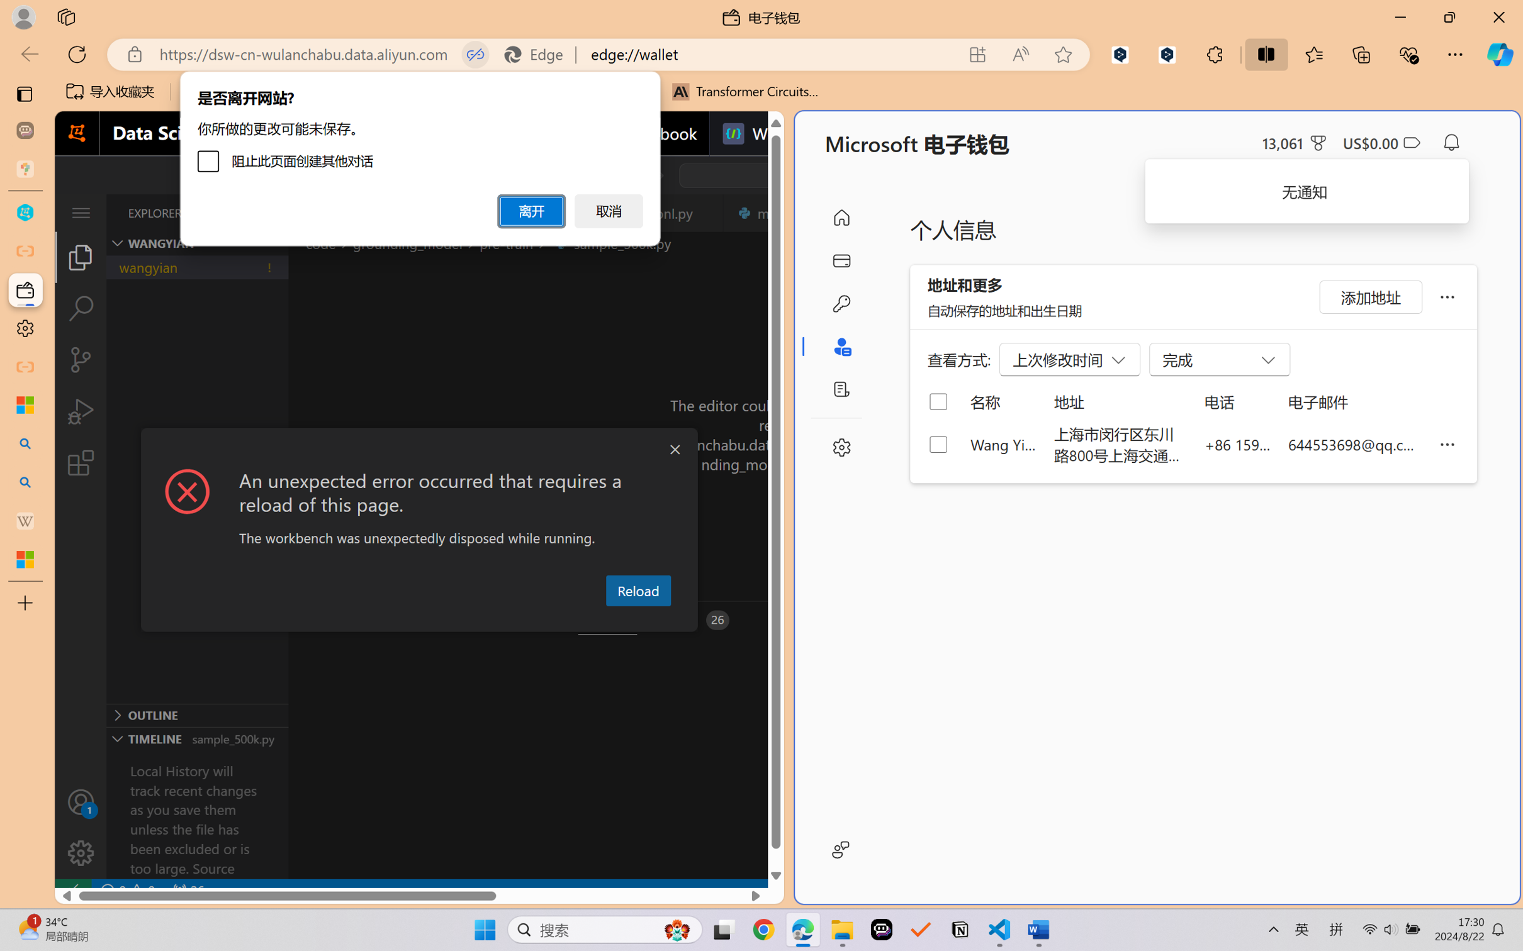 This screenshot has width=1523, height=951. Describe the element at coordinates (638, 589) in the screenshot. I see `'Reload'` at that location.